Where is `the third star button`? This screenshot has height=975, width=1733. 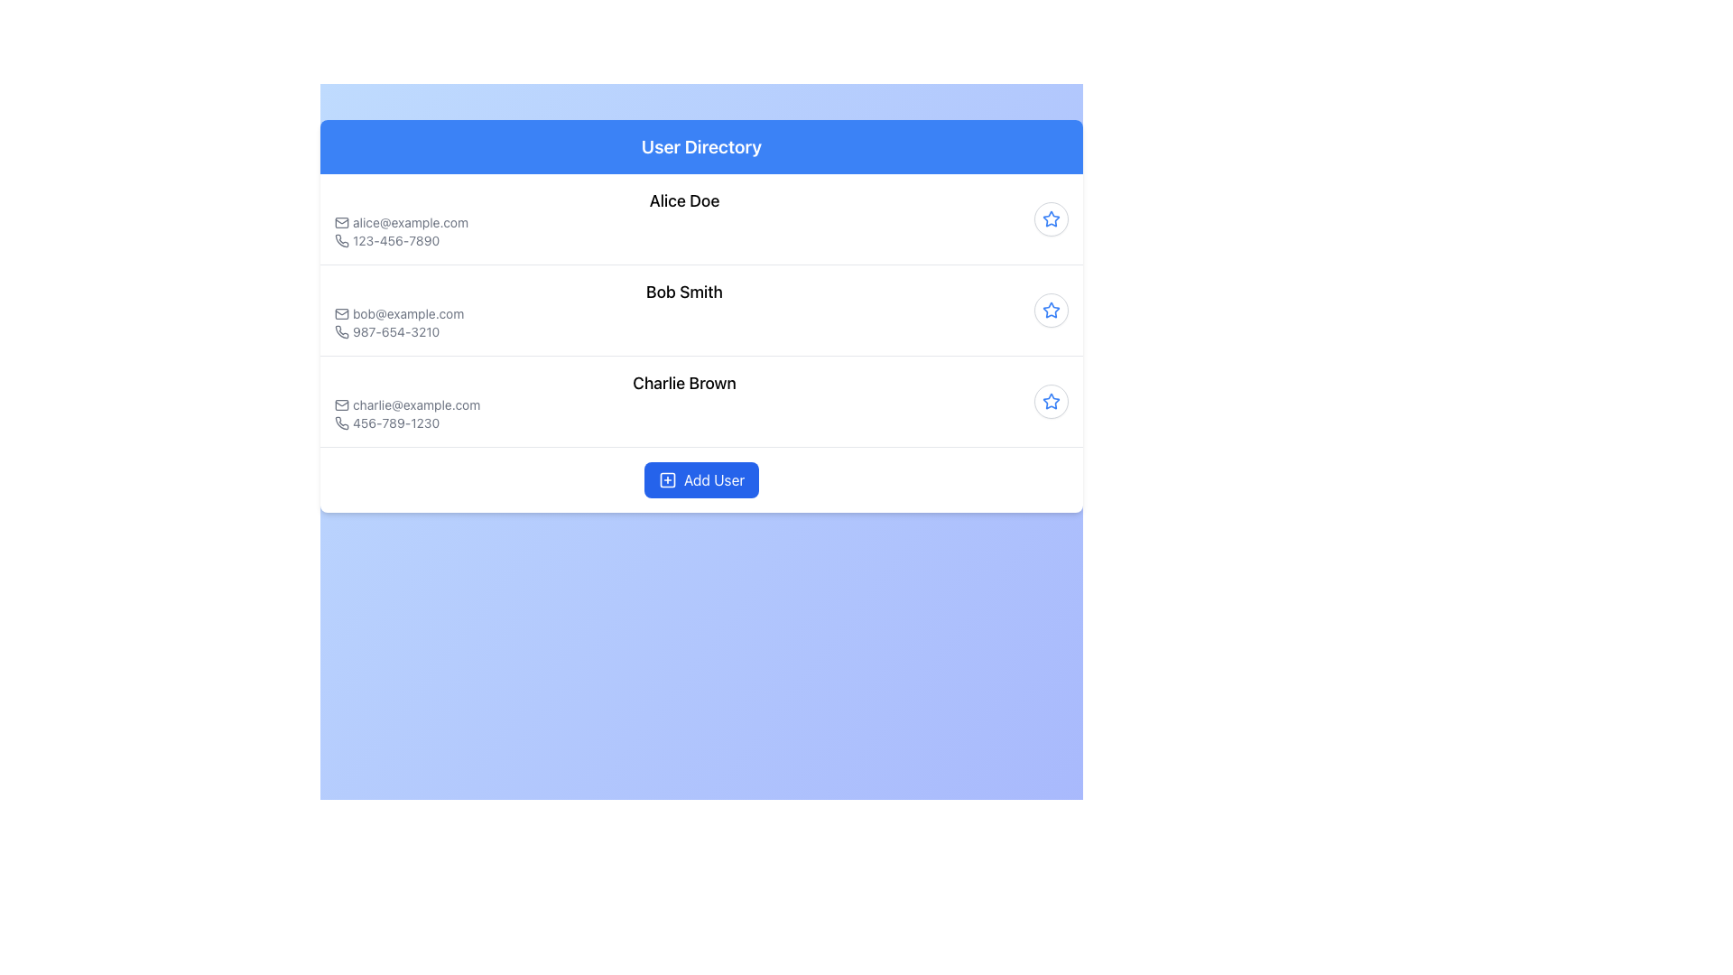
the third star button is located at coordinates (1052, 400).